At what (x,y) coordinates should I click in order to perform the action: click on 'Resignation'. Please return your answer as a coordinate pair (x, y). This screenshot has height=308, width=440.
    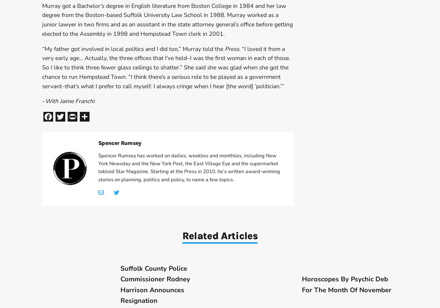
    Looking at the image, I should click on (139, 300).